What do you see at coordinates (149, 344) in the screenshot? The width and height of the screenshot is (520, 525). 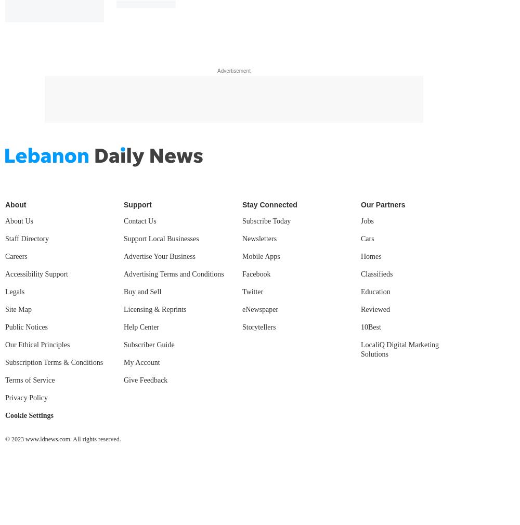 I see `'Subscriber Guide'` at bounding box center [149, 344].